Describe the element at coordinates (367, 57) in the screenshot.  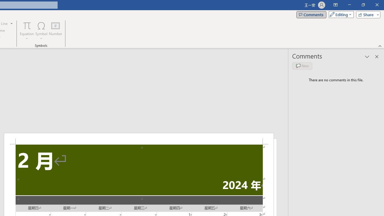
I see `'Task Pane Options'` at that location.